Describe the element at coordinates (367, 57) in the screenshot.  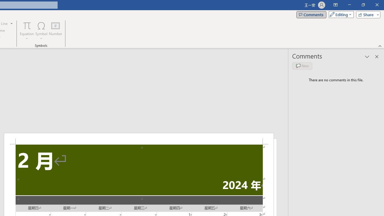
I see `'Task Pane Options'` at that location.